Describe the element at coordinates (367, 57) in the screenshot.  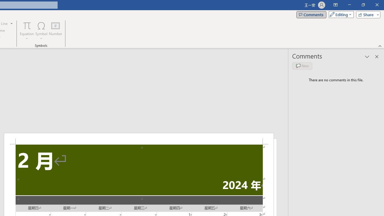
I see `'Task Pane Options'` at that location.